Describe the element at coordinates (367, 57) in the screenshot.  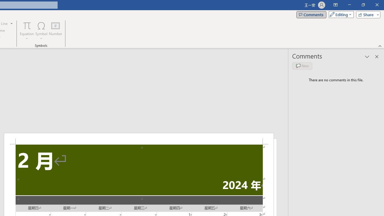
I see `'Task Pane Options'` at that location.